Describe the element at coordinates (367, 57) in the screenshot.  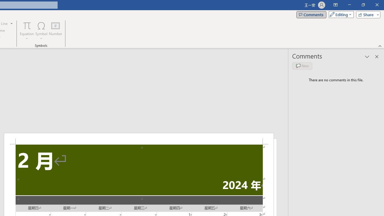
I see `'Task Pane Options'` at that location.